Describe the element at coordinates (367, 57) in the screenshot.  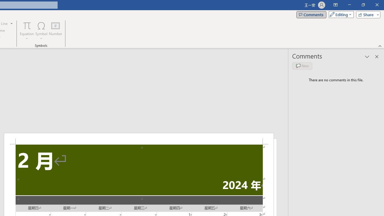
I see `'Task Pane Options'` at that location.